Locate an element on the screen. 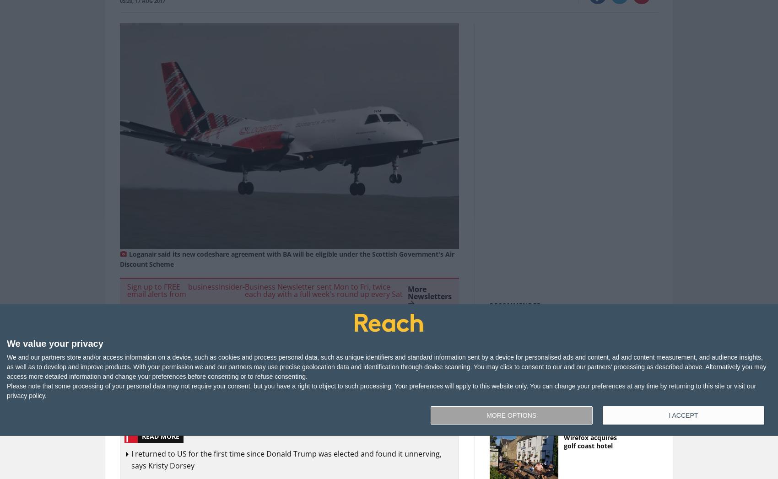 Image resolution: width=778 pixels, height=479 pixels. 'Regional airline Loganair has signed a new expanded codeshare agreement with British Airways, allowing Highlands and Islands customers to connect to global services.' is located at coordinates (119, 370).